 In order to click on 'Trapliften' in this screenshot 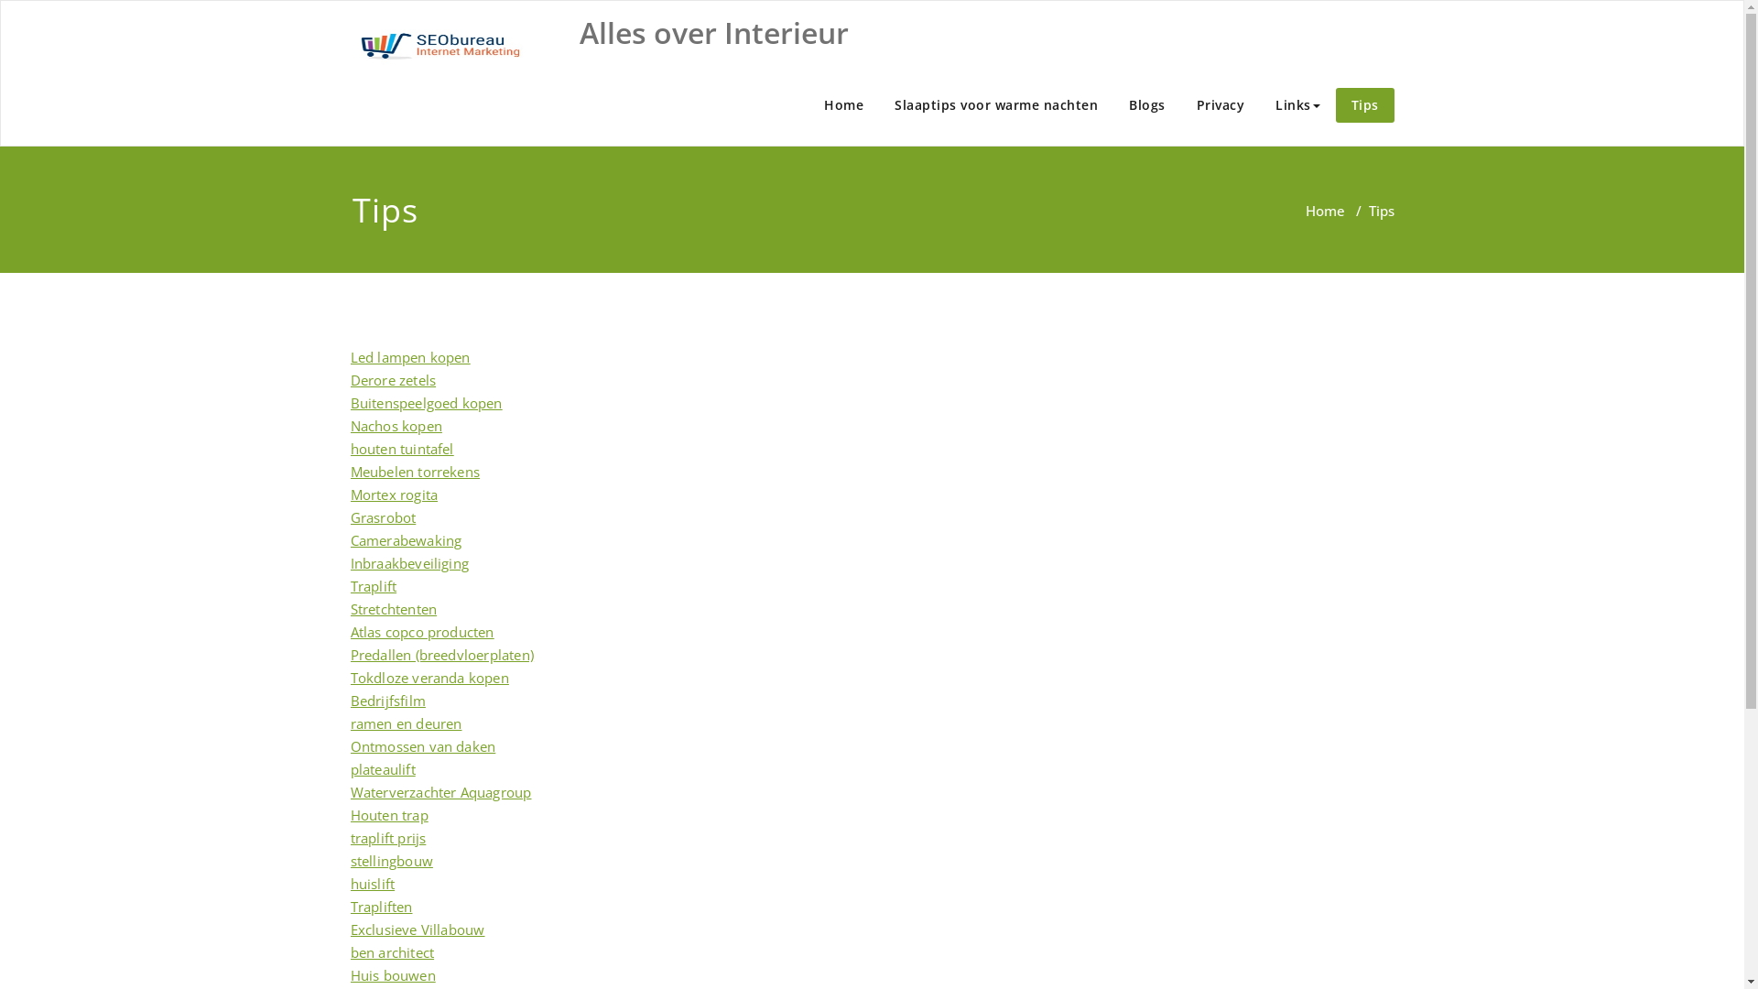, I will do `click(380, 907)`.